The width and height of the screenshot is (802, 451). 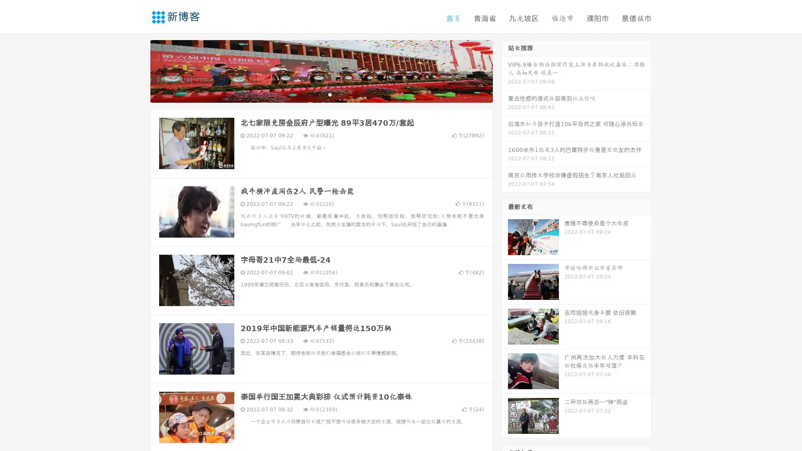 What do you see at coordinates (138, 70) in the screenshot?
I see `Previous slide` at bounding box center [138, 70].